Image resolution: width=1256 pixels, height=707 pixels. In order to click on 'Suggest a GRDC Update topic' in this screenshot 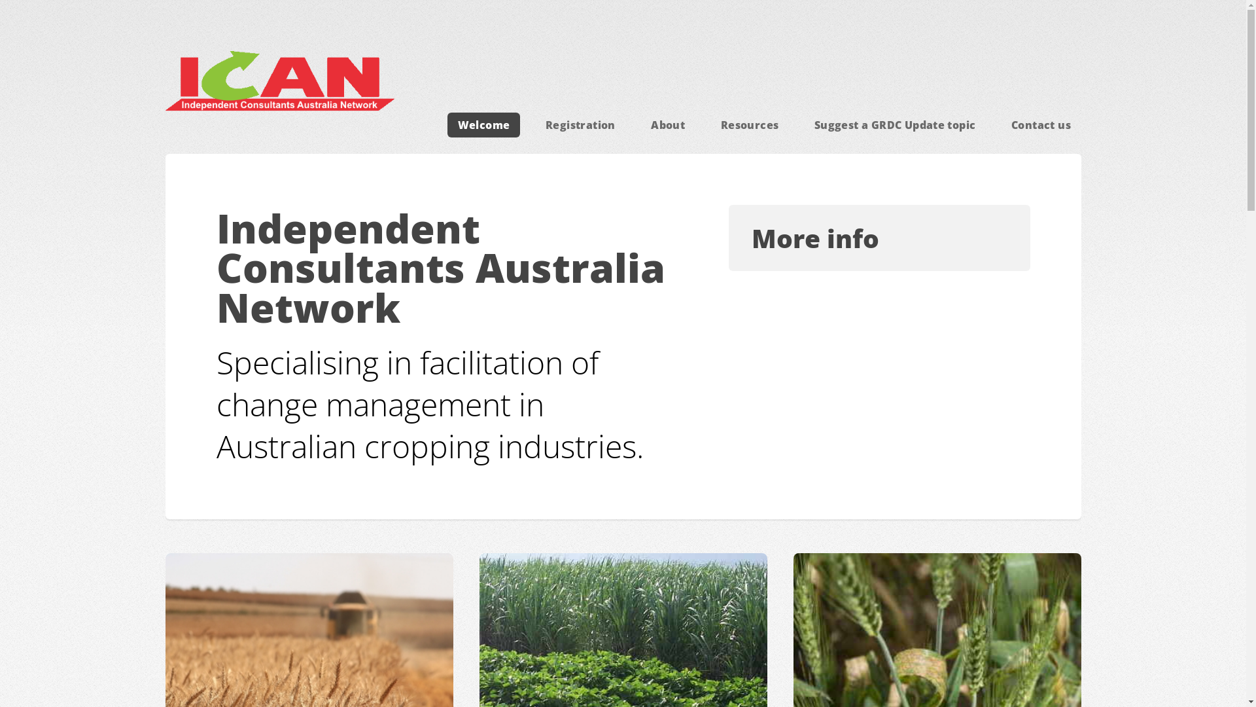, I will do `click(894, 125)`.